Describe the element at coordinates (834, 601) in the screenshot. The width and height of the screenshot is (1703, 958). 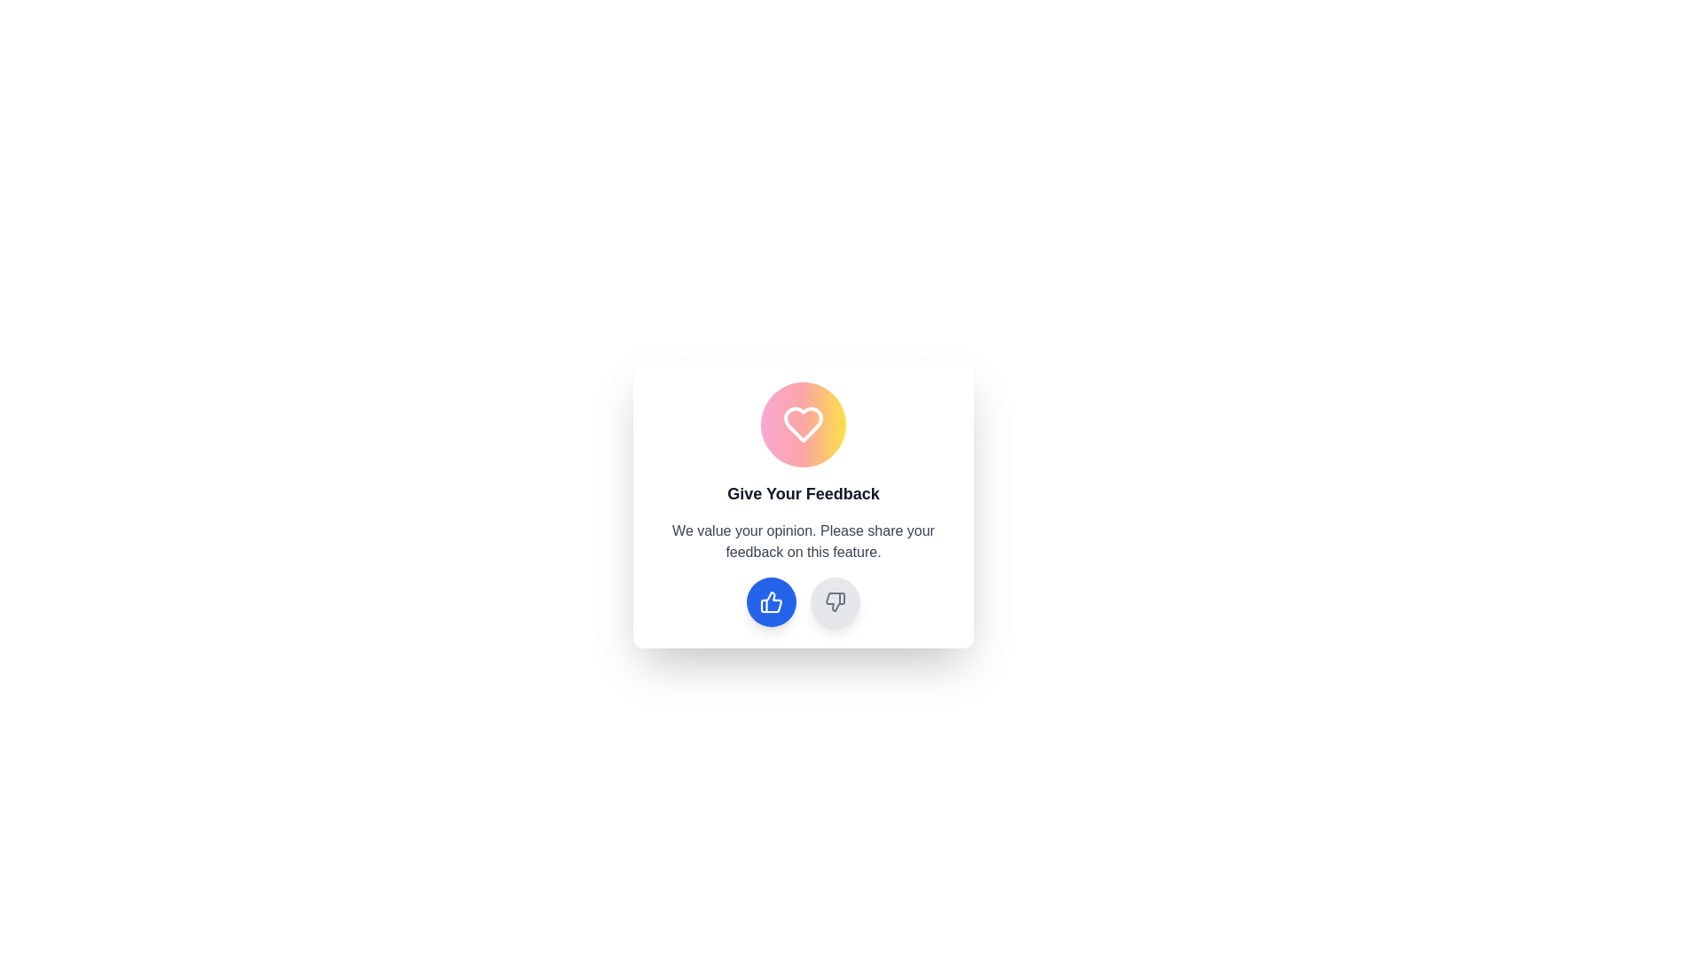
I see `the dislike SVG icon located within the circular area at the bottom-right of the feedback card` at that location.